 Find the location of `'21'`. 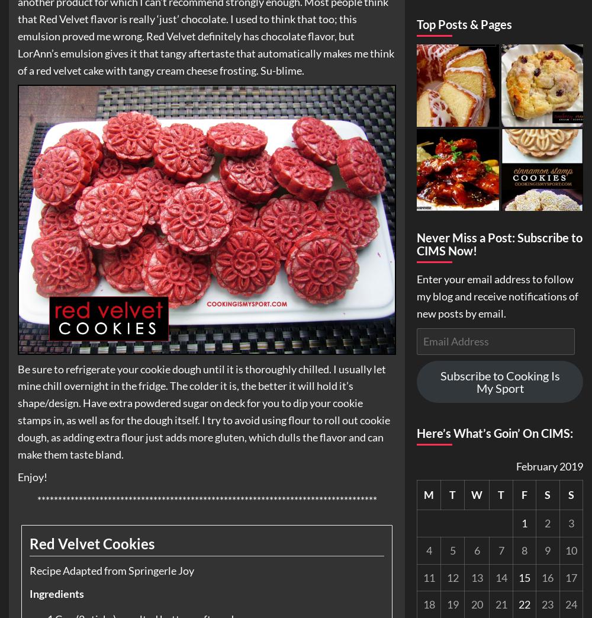

'21' is located at coordinates (500, 604).